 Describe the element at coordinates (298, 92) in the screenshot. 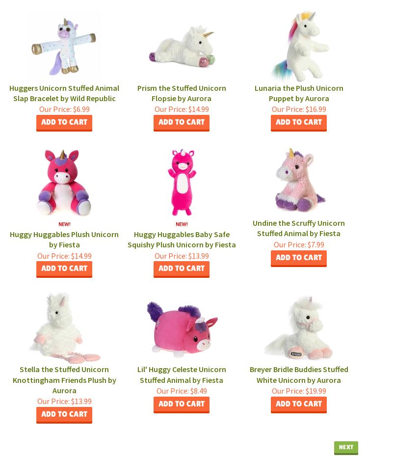

I see `'Lunaria the Plush Unicorn Puppet by Aurora'` at that location.